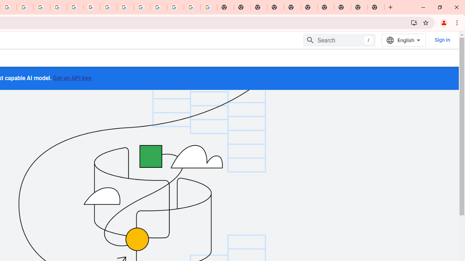 The image size is (465, 261). Describe the element at coordinates (108, 7) in the screenshot. I see `'YouTube'` at that location.